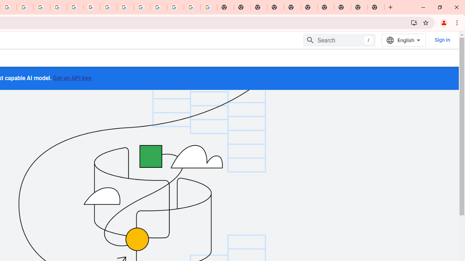 The image size is (465, 261). Describe the element at coordinates (108, 7) in the screenshot. I see `'YouTube'` at that location.